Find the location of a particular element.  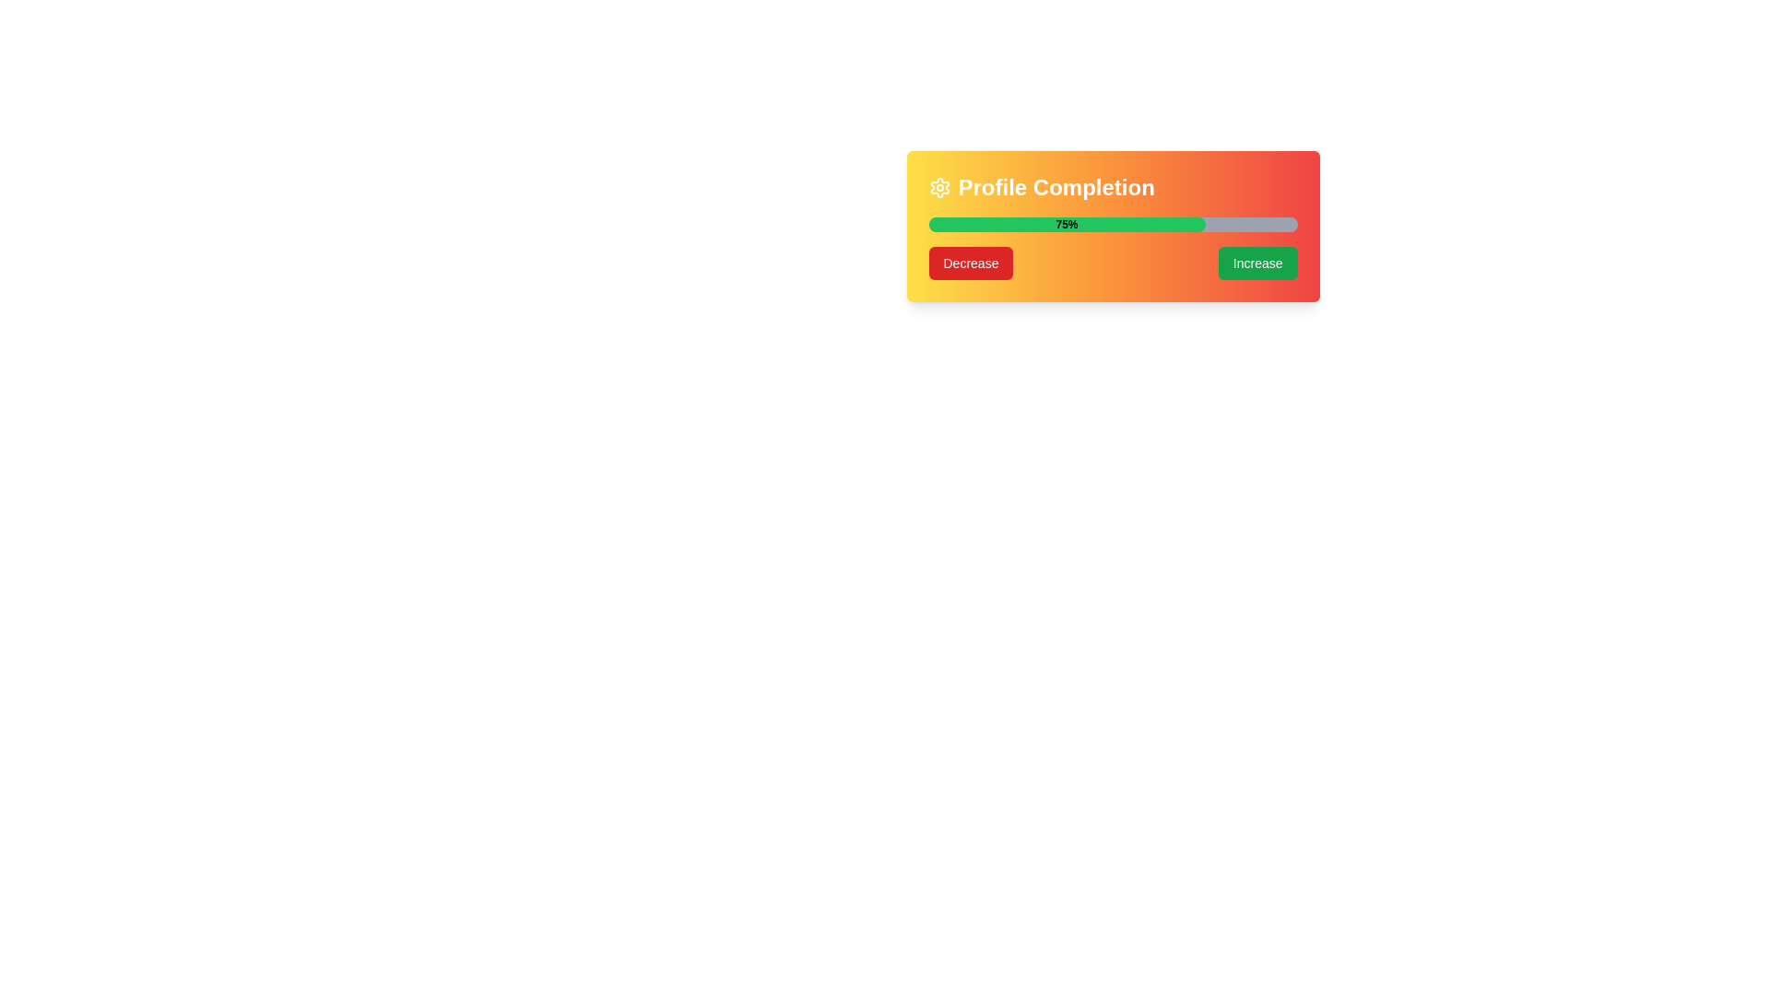

the decorative icon representing settings for the 'Profile Completion' feature, which is located to the far left of the 'Profile Completion' section header is located at coordinates (939, 188).